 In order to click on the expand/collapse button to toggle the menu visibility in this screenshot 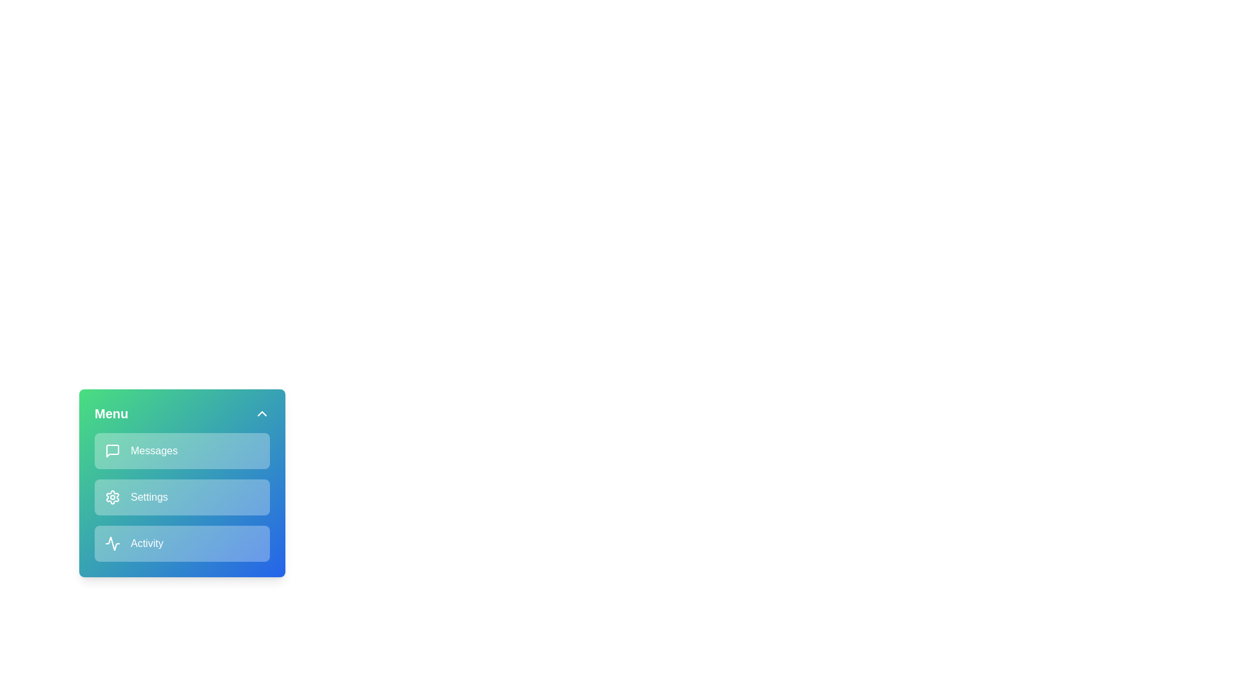, I will do `click(262, 414)`.